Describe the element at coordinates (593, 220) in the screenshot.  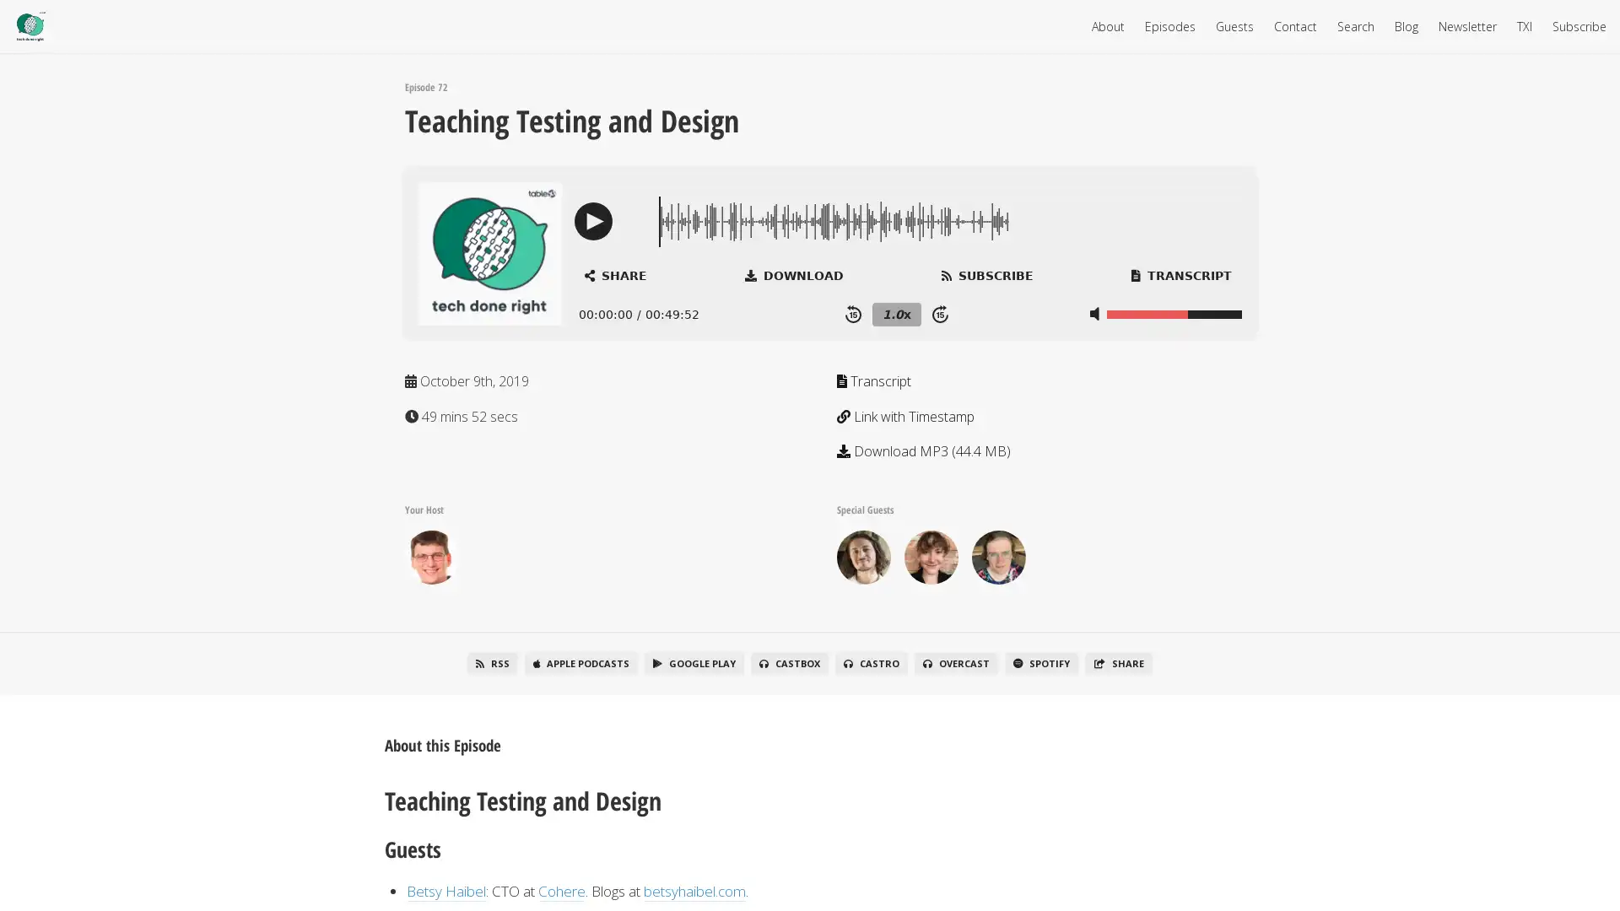
I see `Play or Pause` at that location.